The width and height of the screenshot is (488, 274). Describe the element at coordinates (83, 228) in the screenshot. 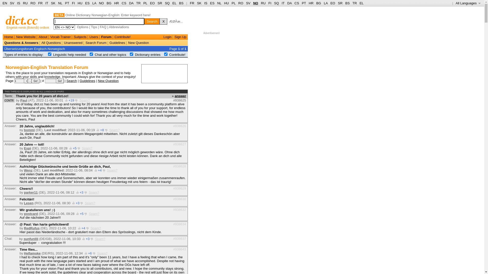

I see `'+4'` at that location.